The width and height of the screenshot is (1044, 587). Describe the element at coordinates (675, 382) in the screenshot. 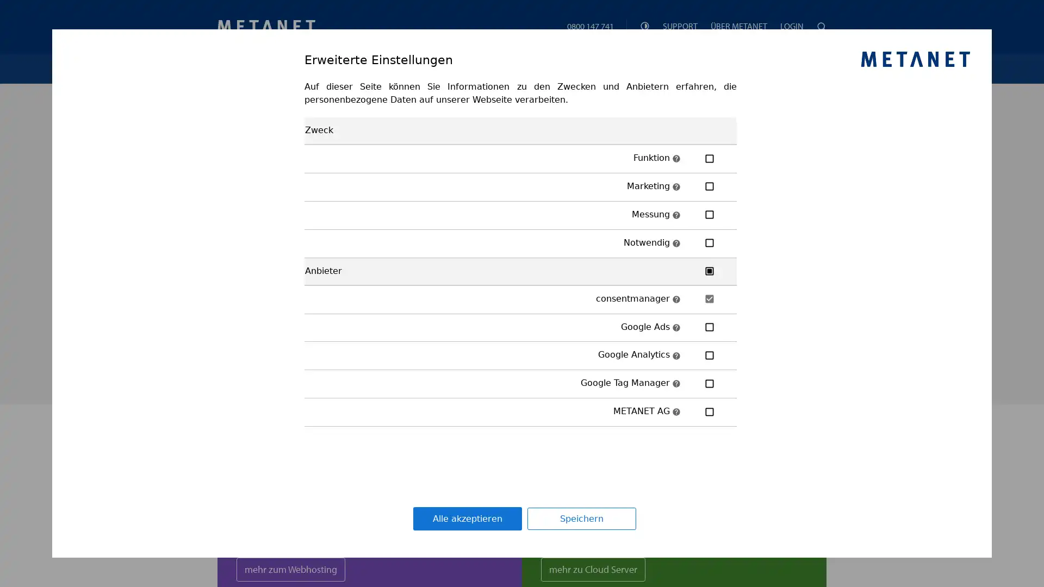

I see `Beschreibung: Google Tag Manager` at that location.